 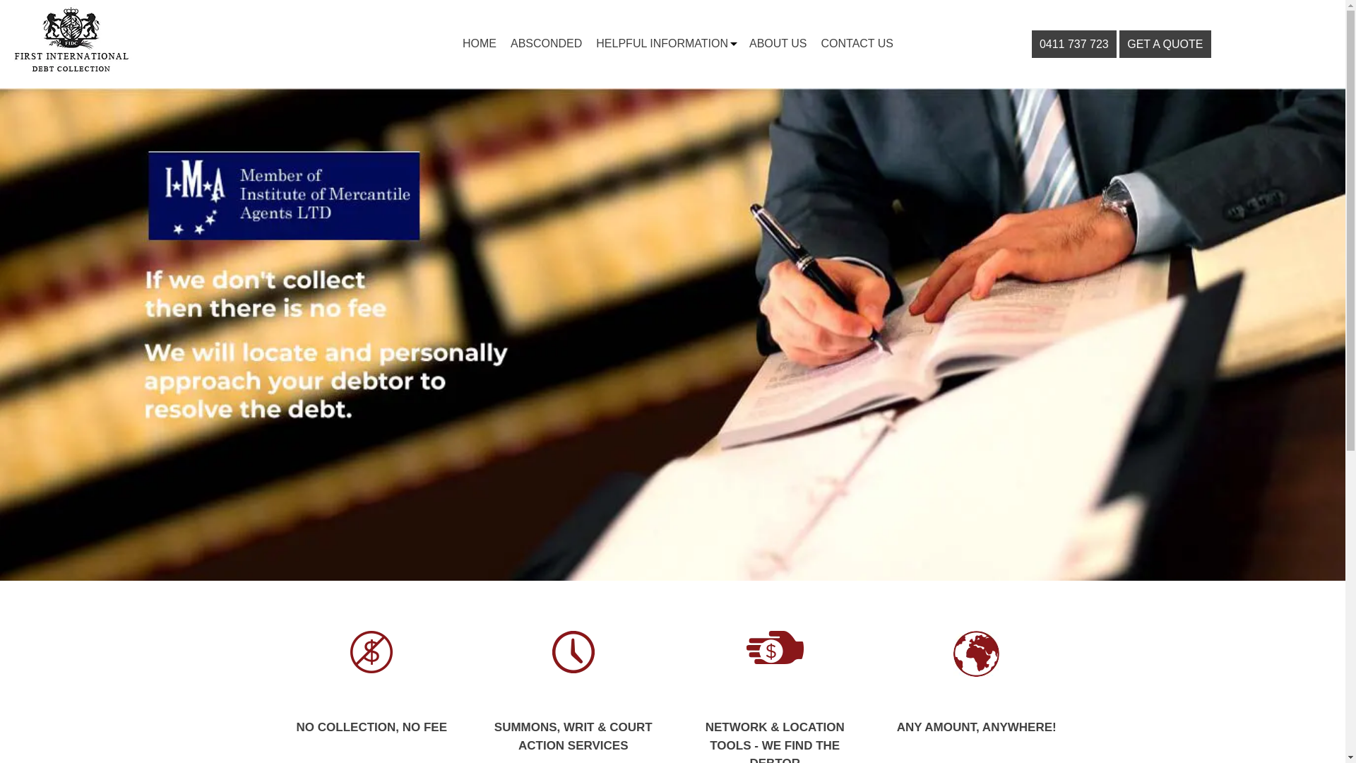 What do you see at coordinates (479, 42) in the screenshot?
I see `'HOME'` at bounding box center [479, 42].